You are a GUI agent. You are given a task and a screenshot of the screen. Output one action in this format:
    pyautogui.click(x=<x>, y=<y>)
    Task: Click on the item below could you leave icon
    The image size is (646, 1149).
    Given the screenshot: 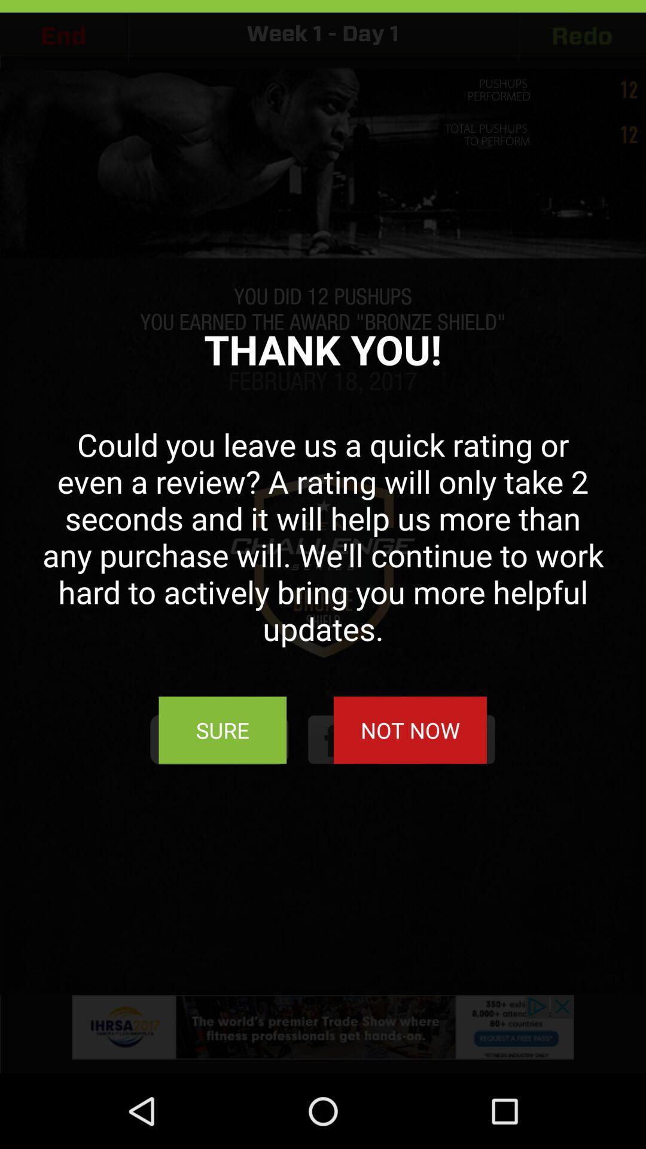 What is the action you would take?
    pyautogui.click(x=223, y=729)
    